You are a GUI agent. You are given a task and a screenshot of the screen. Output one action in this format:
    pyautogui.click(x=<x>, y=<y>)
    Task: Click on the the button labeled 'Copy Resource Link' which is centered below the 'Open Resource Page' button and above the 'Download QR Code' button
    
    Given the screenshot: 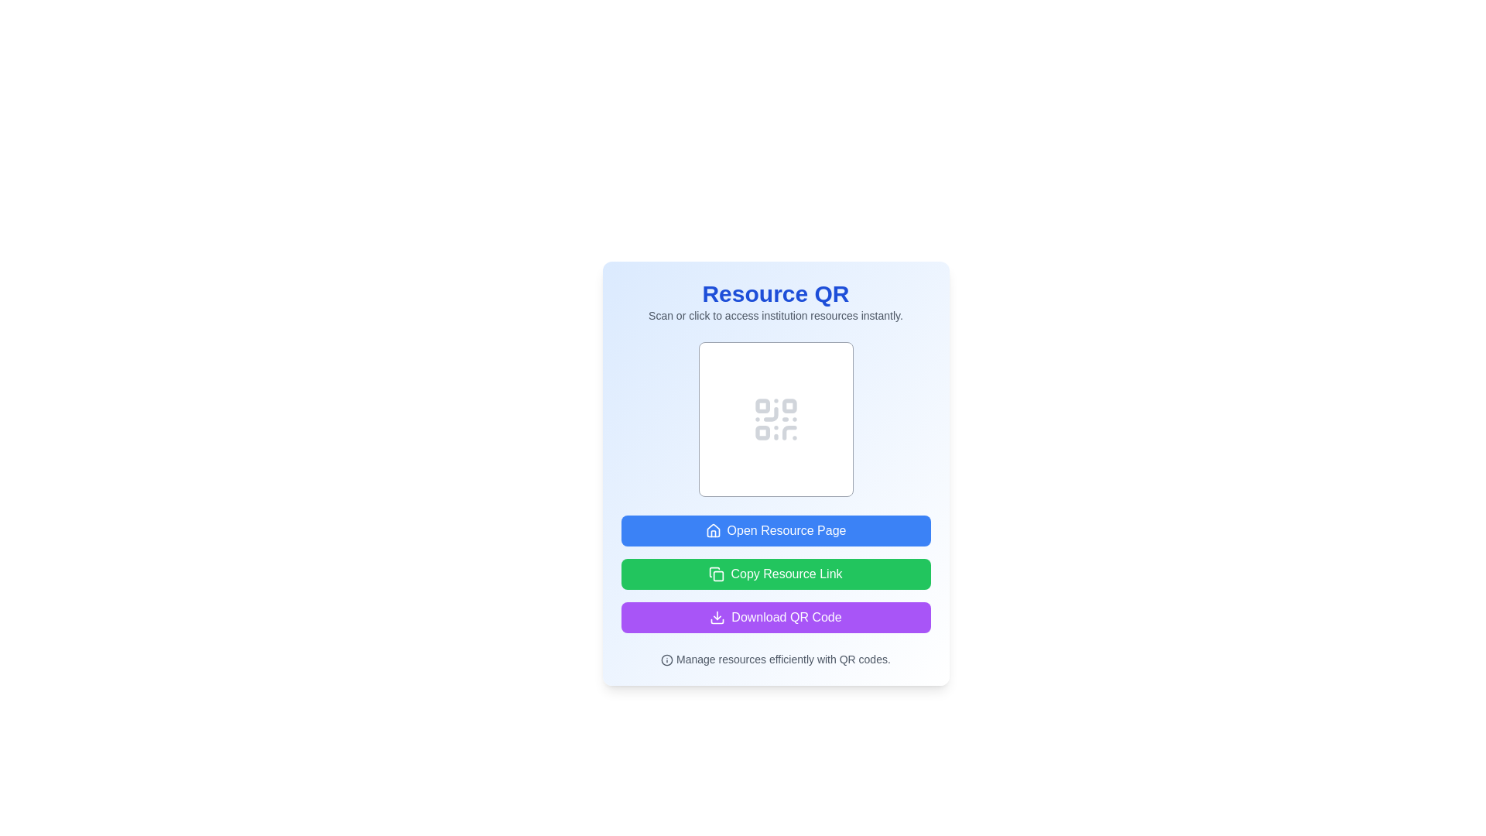 What is the action you would take?
    pyautogui.click(x=786, y=574)
    